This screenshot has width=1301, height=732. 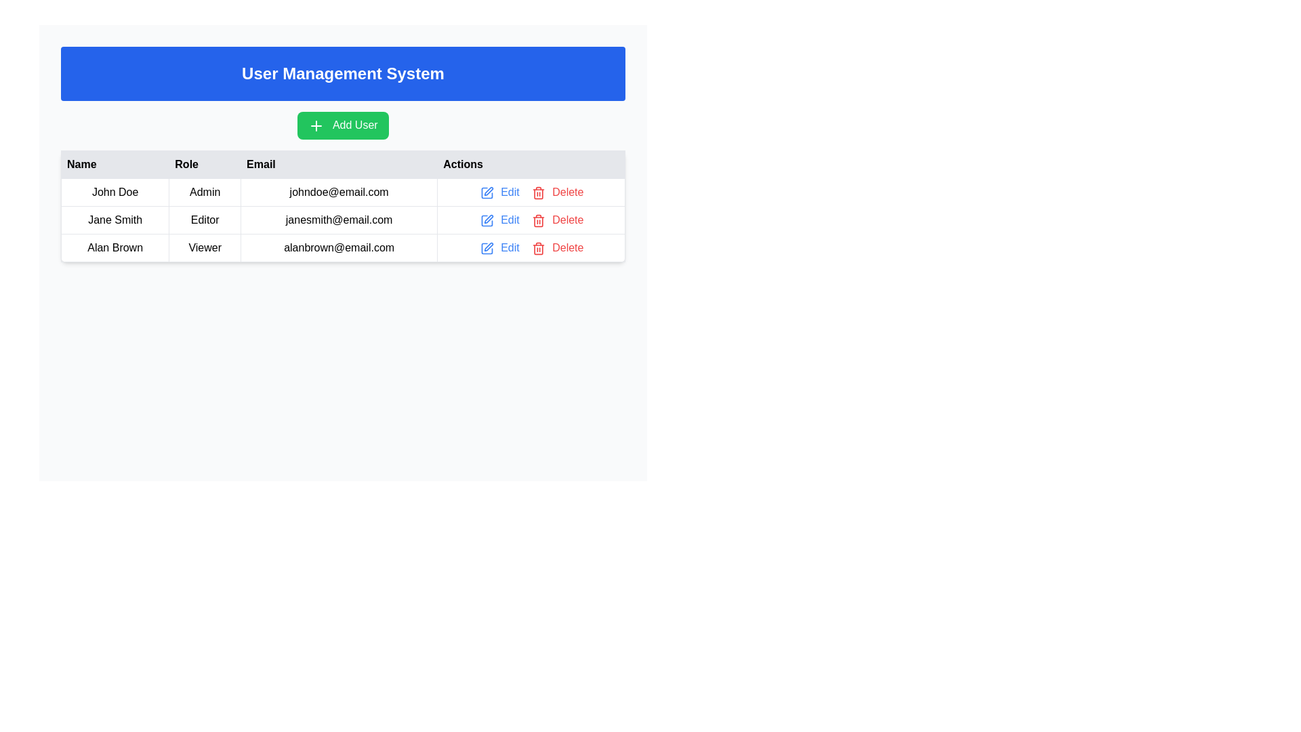 What do you see at coordinates (498, 192) in the screenshot?
I see `the interactive link styled as a button for editing the information of 'John Doe', located in the 'Actions' column of the first row in the data table` at bounding box center [498, 192].